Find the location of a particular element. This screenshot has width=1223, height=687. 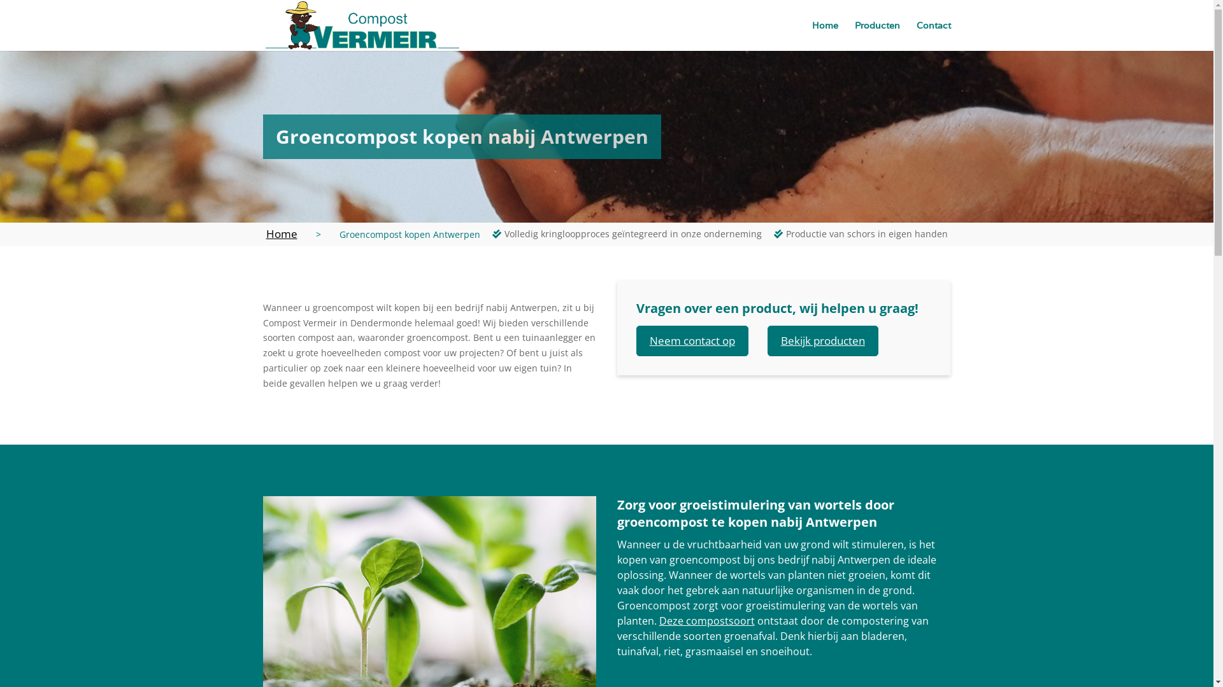

'Contact' is located at coordinates (933, 25).